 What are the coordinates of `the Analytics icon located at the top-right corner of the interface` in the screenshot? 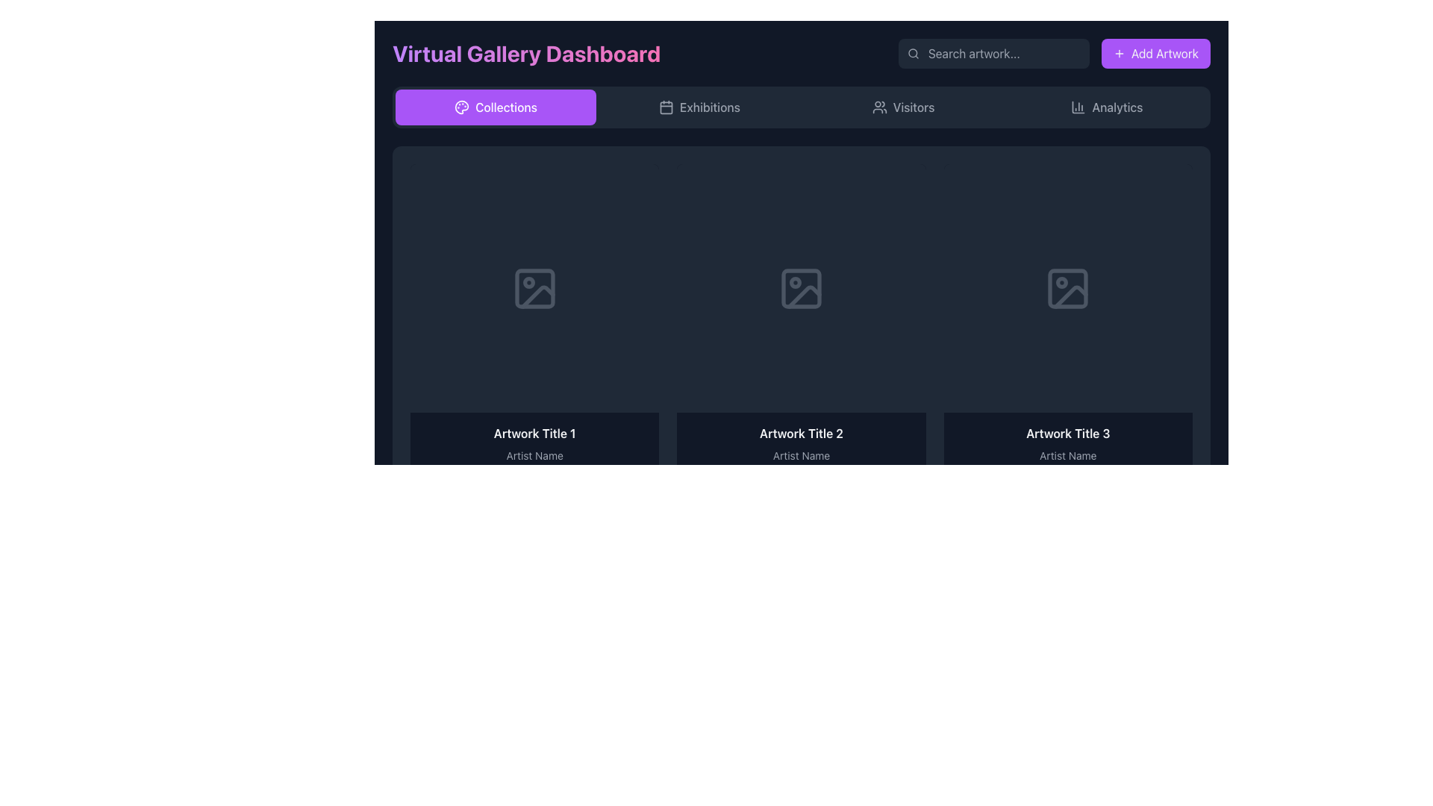 It's located at (1078, 106).